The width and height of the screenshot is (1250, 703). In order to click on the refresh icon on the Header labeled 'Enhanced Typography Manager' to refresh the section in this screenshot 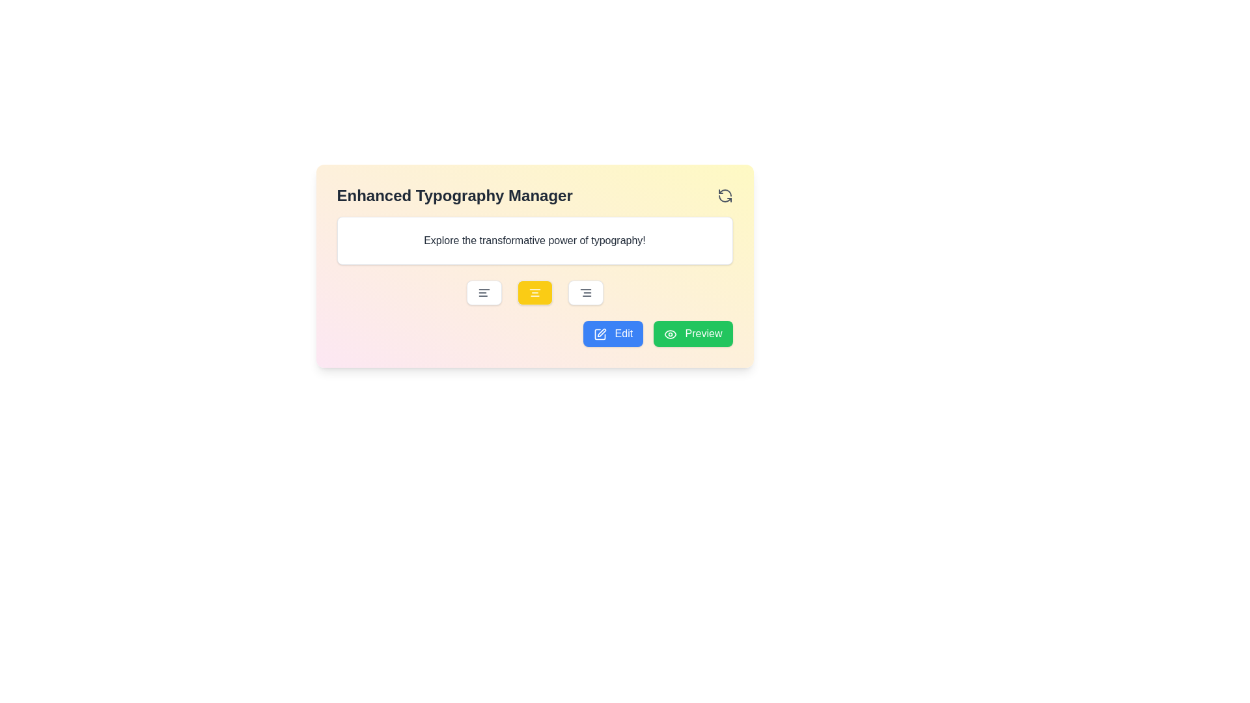, I will do `click(535, 195)`.